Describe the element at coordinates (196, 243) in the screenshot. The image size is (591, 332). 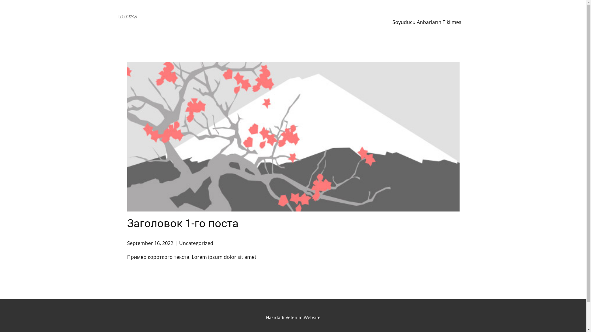
I see `'Uncategorized'` at that location.